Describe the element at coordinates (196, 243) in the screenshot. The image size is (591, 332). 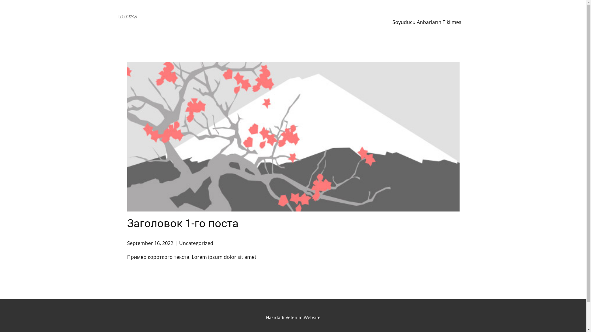
I see `'Uncategorized'` at that location.